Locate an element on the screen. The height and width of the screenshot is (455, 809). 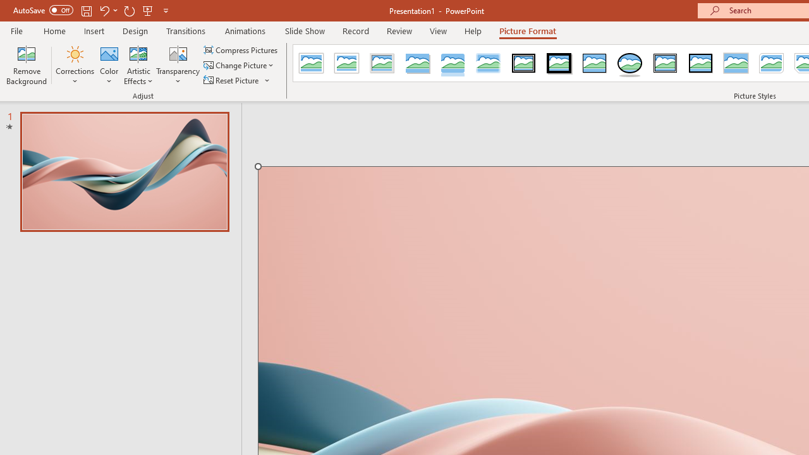
'Home' is located at coordinates (54, 30).